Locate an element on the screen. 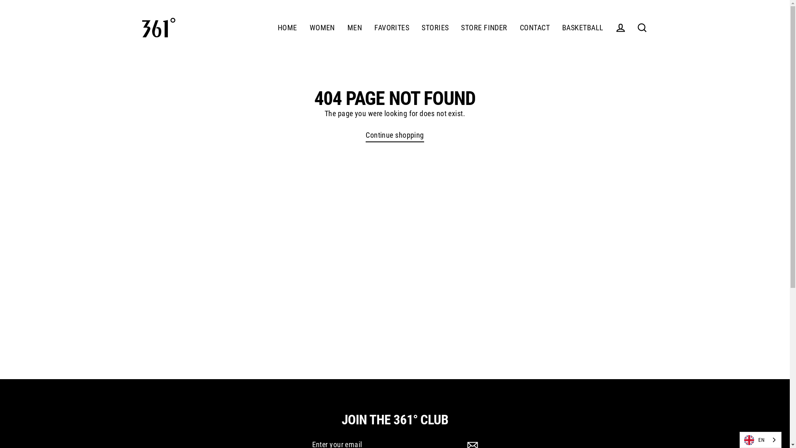 Image resolution: width=796 pixels, height=448 pixels. 'FAVORITES' is located at coordinates (391, 27).